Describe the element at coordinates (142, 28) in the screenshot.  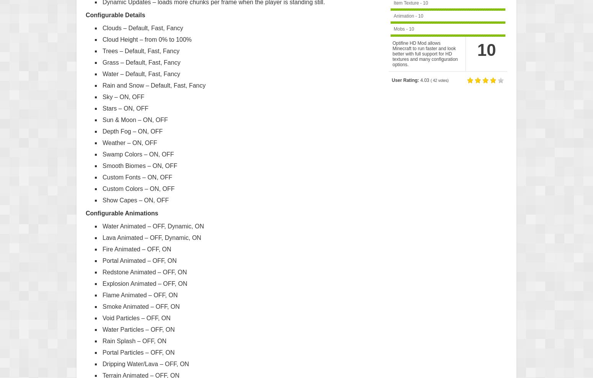
I see `'Clouds – Default, Fast, Fancy'` at that location.